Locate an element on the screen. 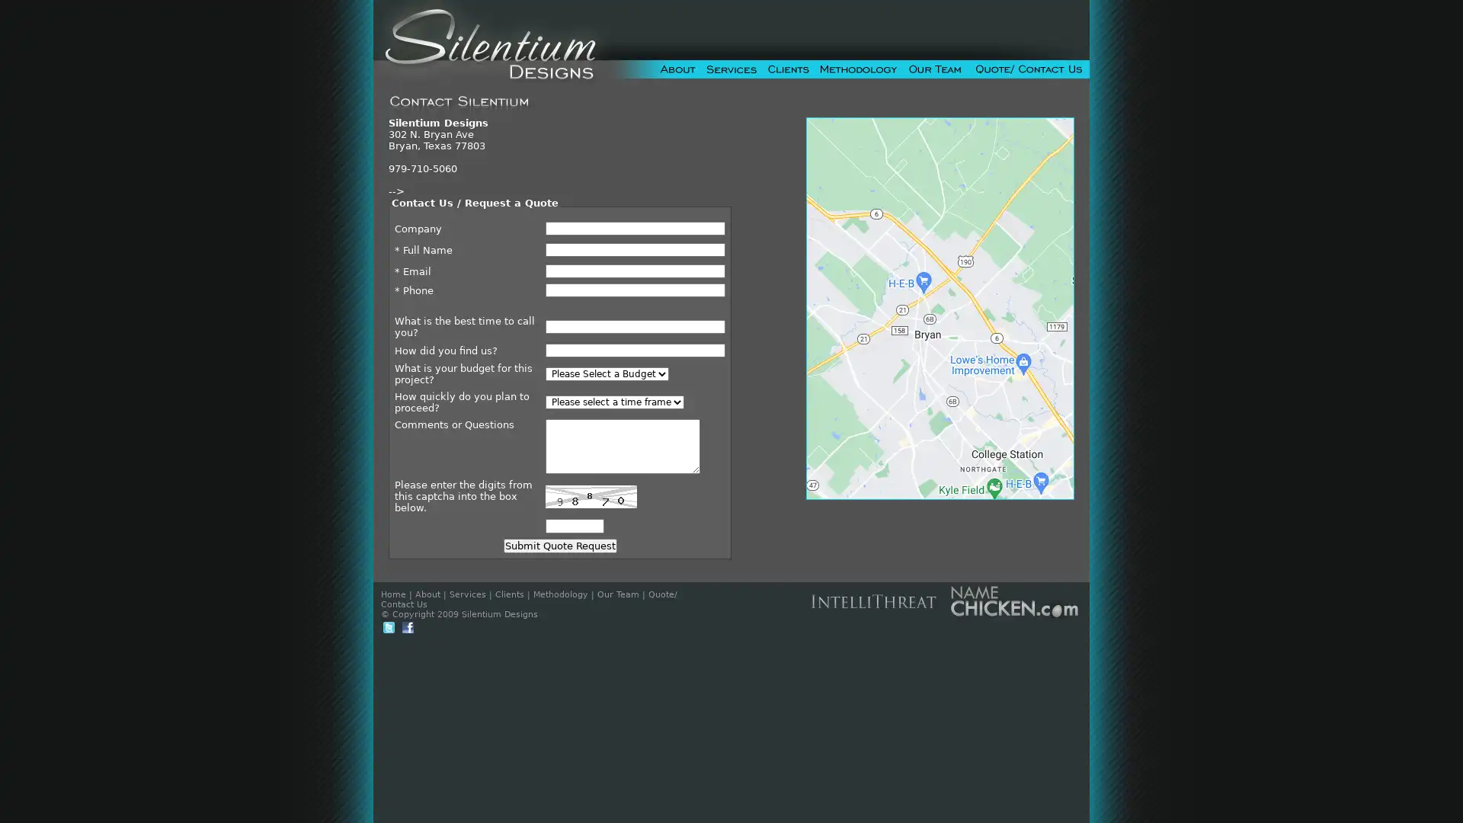 Image resolution: width=1463 pixels, height=823 pixels. Submit Quote Request is located at coordinates (559, 545).